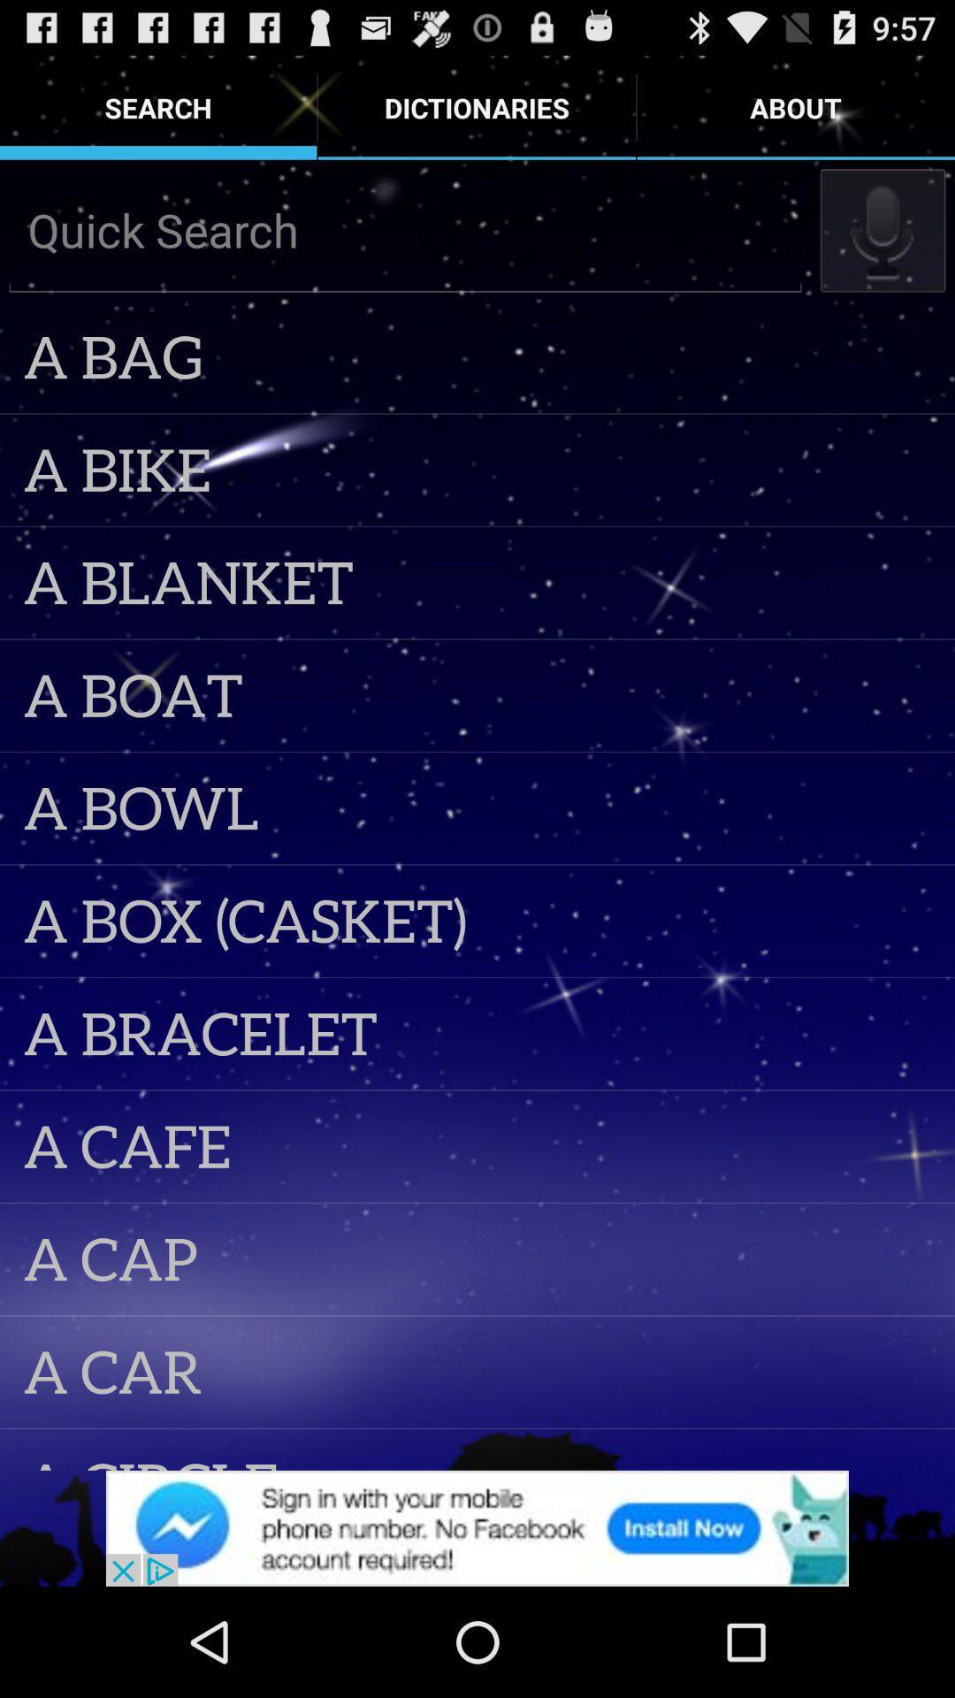  What do you see at coordinates (405, 229) in the screenshot?
I see `search bar` at bounding box center [405, 229].